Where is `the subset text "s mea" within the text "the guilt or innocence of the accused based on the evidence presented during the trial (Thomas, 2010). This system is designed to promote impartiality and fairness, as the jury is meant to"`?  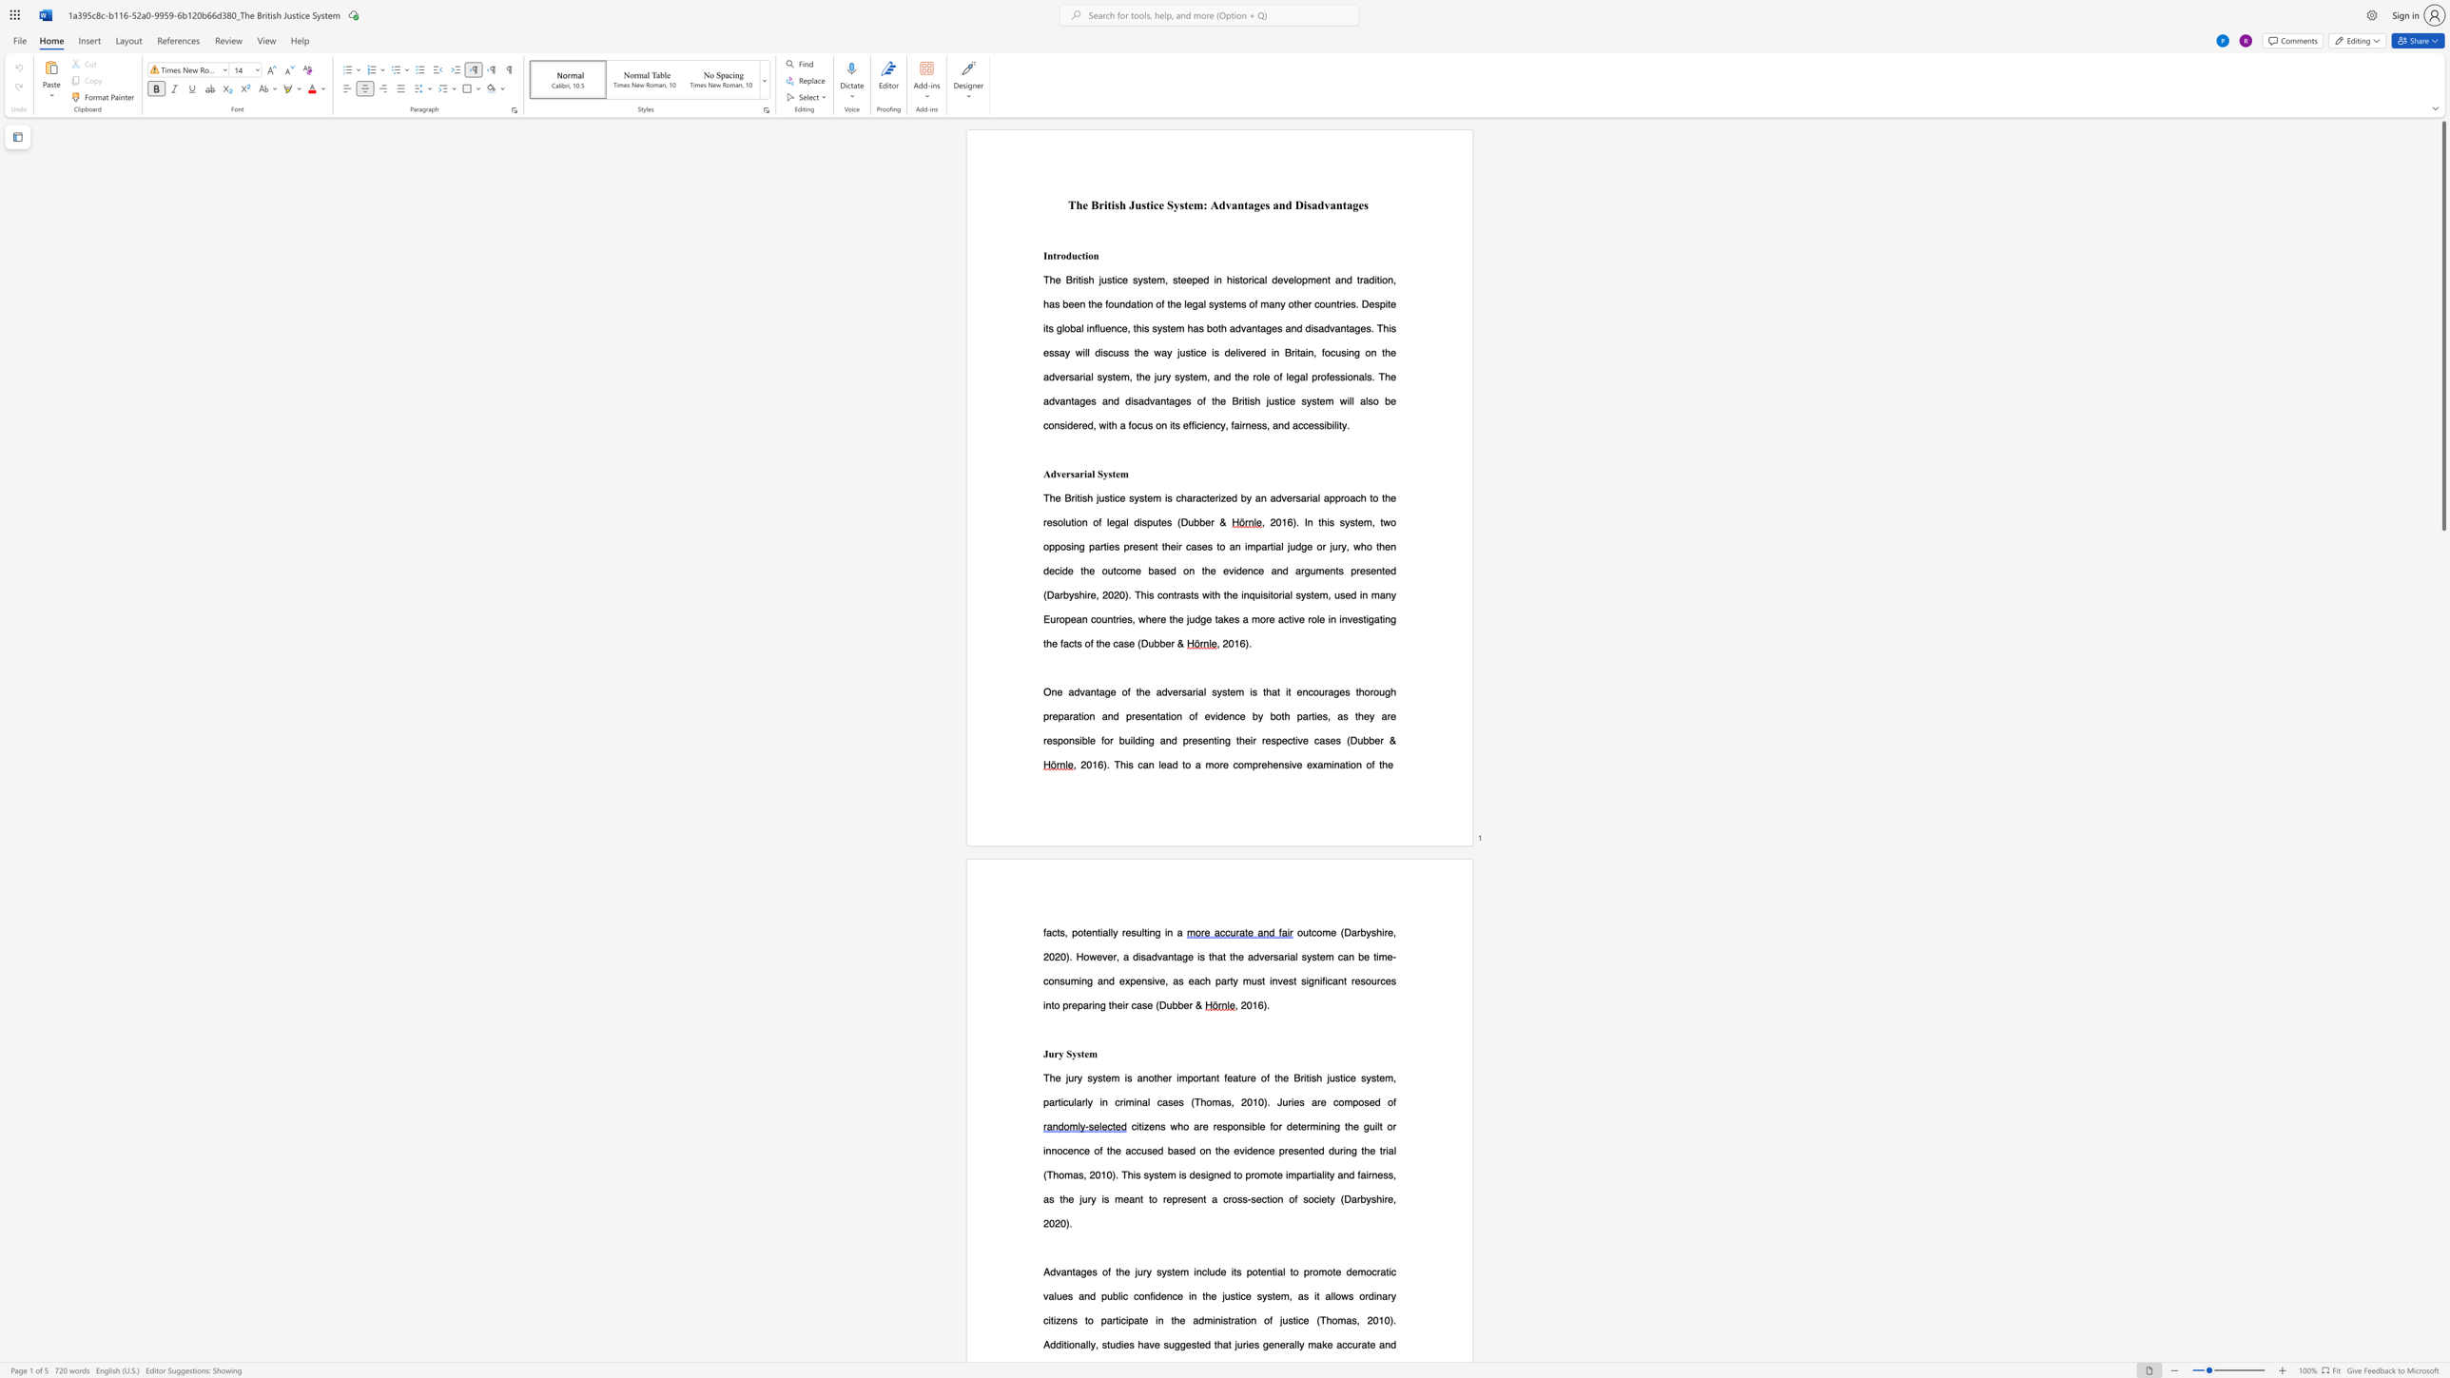 the subset text "s mea" within the text "the guilt or innocence of the accused based on the evidence presented during the trial (Thomas, 2010). This system is designed to promote impartiality and fairness, as the jury is meant to" is located at coordinates (1103, 1198).